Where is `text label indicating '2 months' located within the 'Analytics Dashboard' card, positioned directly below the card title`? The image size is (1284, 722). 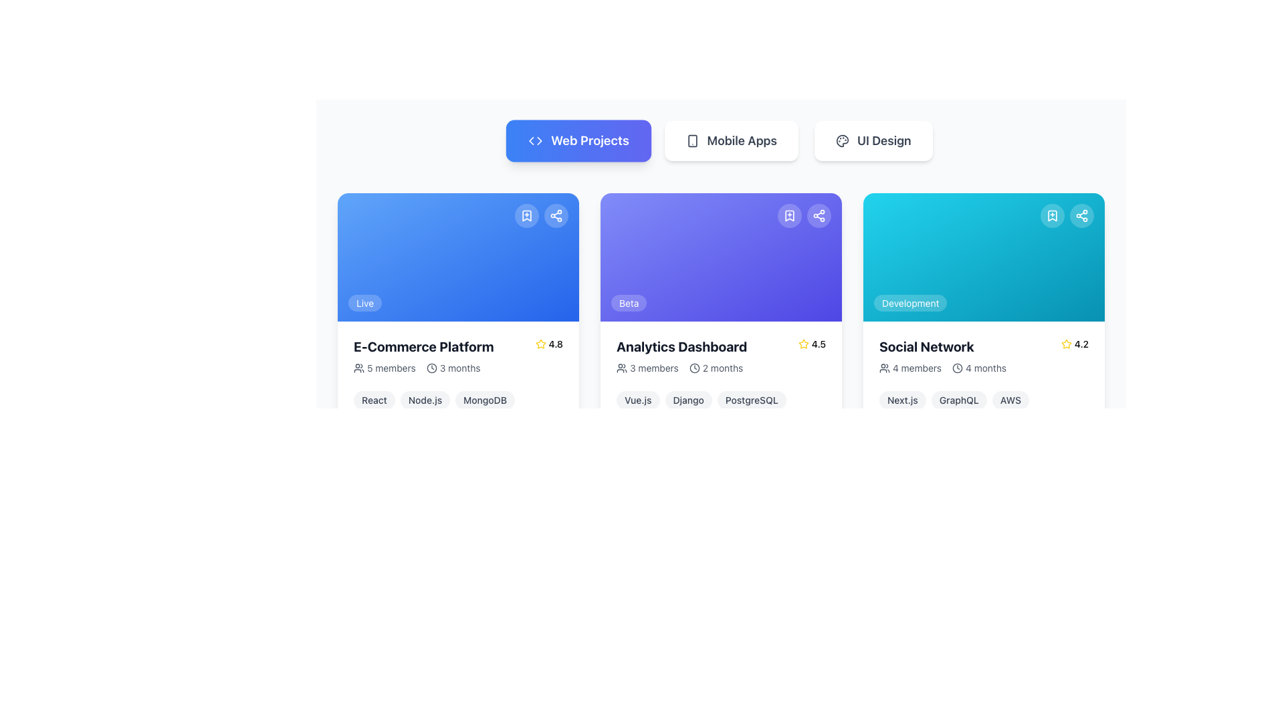 text label indicating '2 months' located within the 'Analytics Dashboard' card, positioned directly below the card title is located at coordinates (716, 368).